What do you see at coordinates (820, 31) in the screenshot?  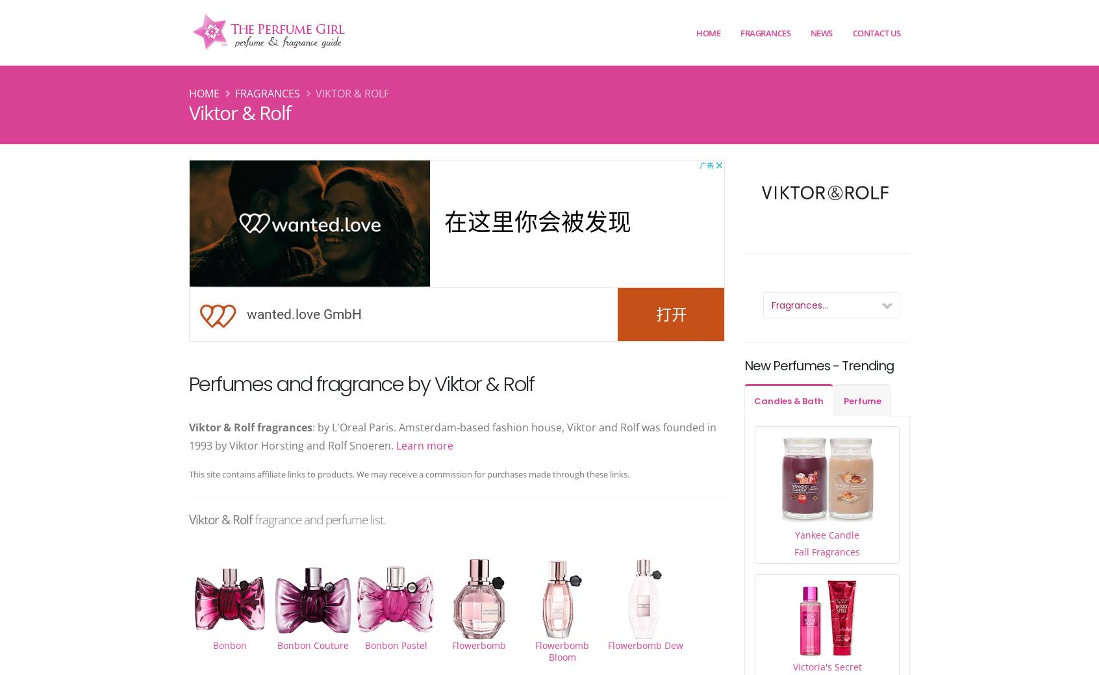 I see `'News'` at bounding box center [820, 31].